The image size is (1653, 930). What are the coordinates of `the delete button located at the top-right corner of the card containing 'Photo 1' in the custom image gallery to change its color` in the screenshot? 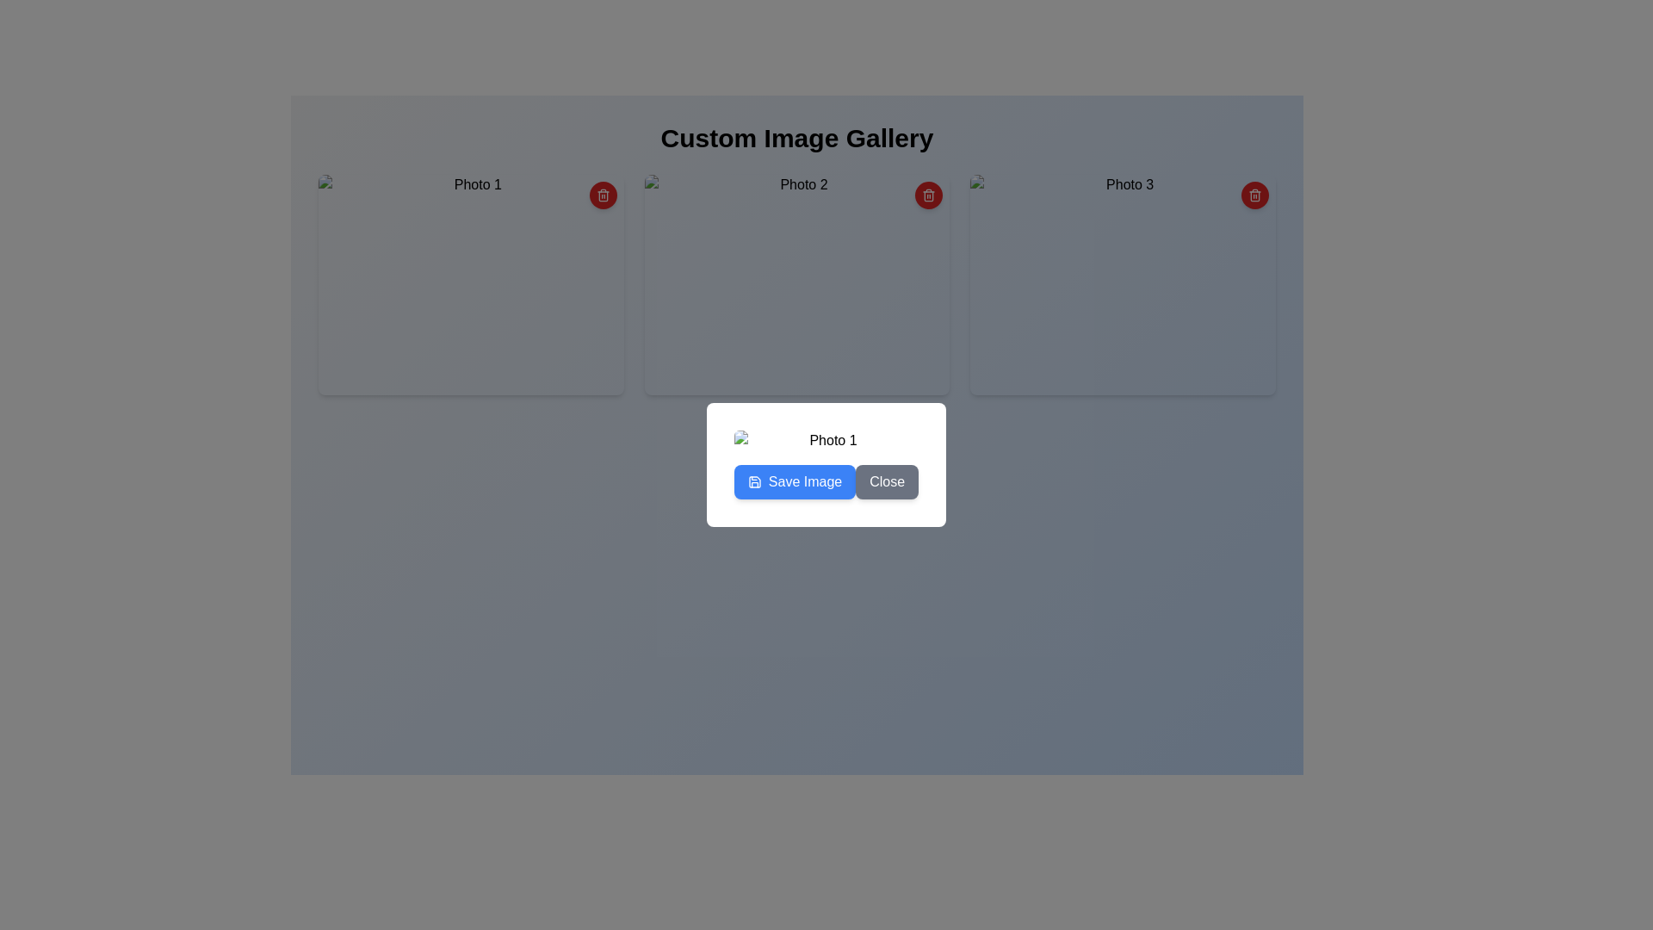 It's located at (603, 195).